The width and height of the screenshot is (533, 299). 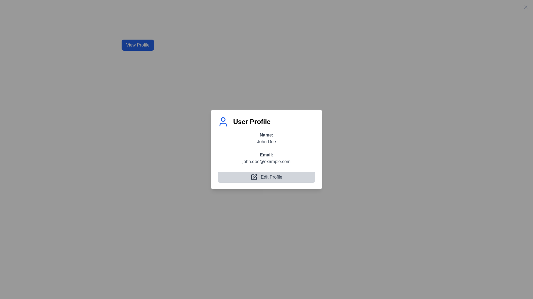 I want to click on the Information Display Section that includes the user's name 'John Doe' and email 'john.doe@example.com', which is located in the card titled 'User Profile', so click(x=266, y=157).